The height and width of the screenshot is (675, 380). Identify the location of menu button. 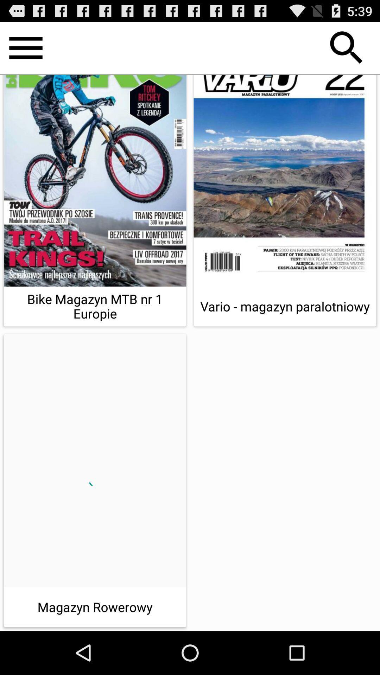
(25, 47).